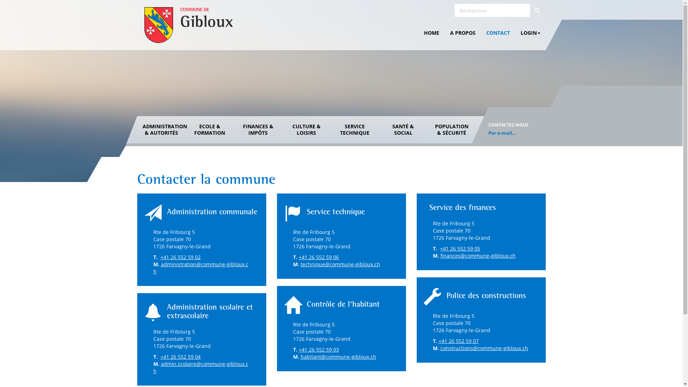 The height and width of the screenshot is (387, 688). What do you see at coordinates (300, 357) in the screenshot?
I see `'habitant@commune-gibloux.ch'` at bounding box center [300, 357].